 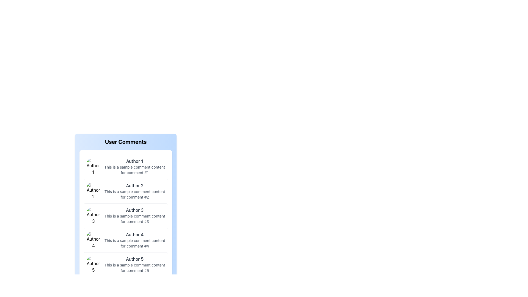 What do you see at coordinates (135, 259) in the screenshot?
I see `the text label 'Author 5' in the comment section, which is styled in a medium-weight font and dark gray color, positioned above the comment content` at bounding box center [135, 259].